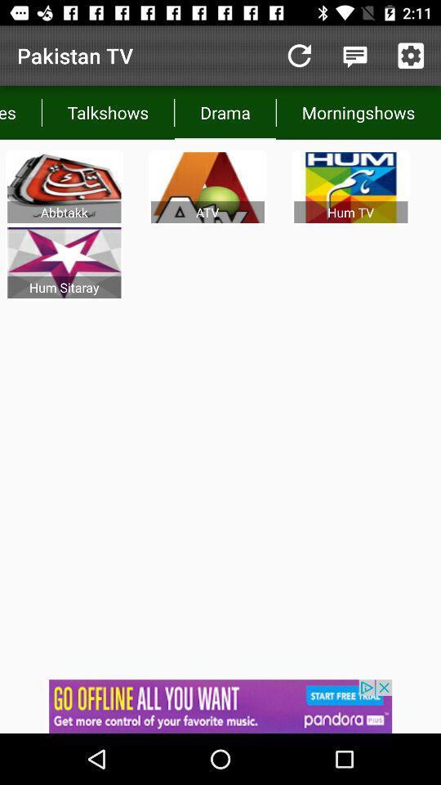 Image resolution: width=441 pixels, height=785 pixels. What do you see at coordinates (220, 706) in the screenshot?
I see `sponsored link` at bounding box center [220, 706].